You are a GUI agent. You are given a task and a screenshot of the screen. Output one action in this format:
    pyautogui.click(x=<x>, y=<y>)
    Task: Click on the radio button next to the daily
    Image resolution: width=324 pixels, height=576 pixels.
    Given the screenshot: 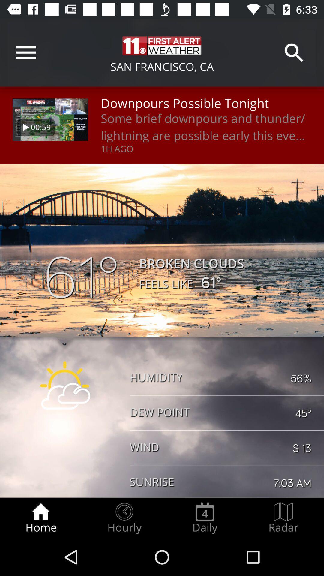 What is the action you would take?
    pyautogui.click(x=283, y=518)
    